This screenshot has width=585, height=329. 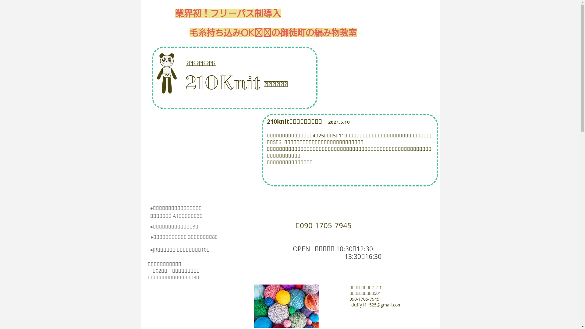 I want to click on 'duffy111525@gmail.com', so click(x=376, y=305).